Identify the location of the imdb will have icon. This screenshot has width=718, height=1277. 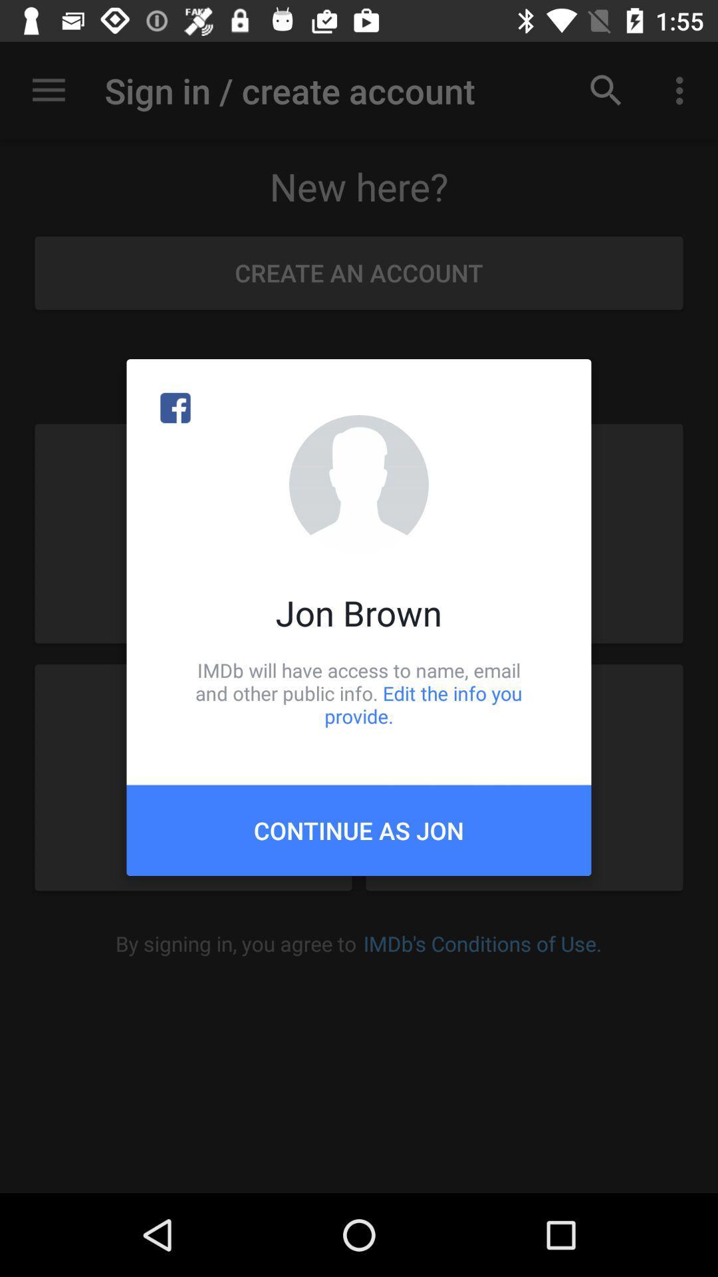
(359, 692).